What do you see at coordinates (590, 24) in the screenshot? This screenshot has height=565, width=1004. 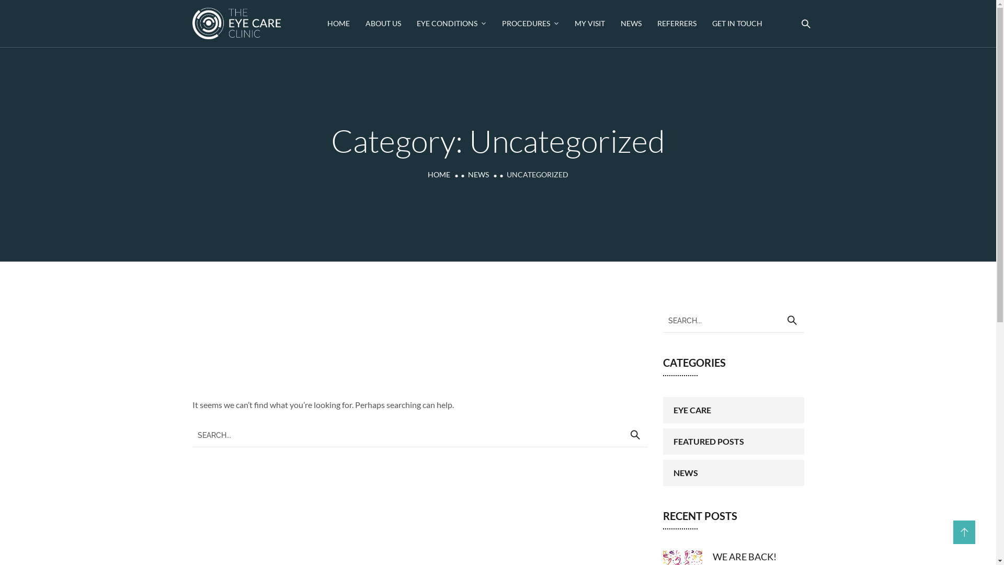 I see `'MY VISIT'` at bounding box center [590, 24].